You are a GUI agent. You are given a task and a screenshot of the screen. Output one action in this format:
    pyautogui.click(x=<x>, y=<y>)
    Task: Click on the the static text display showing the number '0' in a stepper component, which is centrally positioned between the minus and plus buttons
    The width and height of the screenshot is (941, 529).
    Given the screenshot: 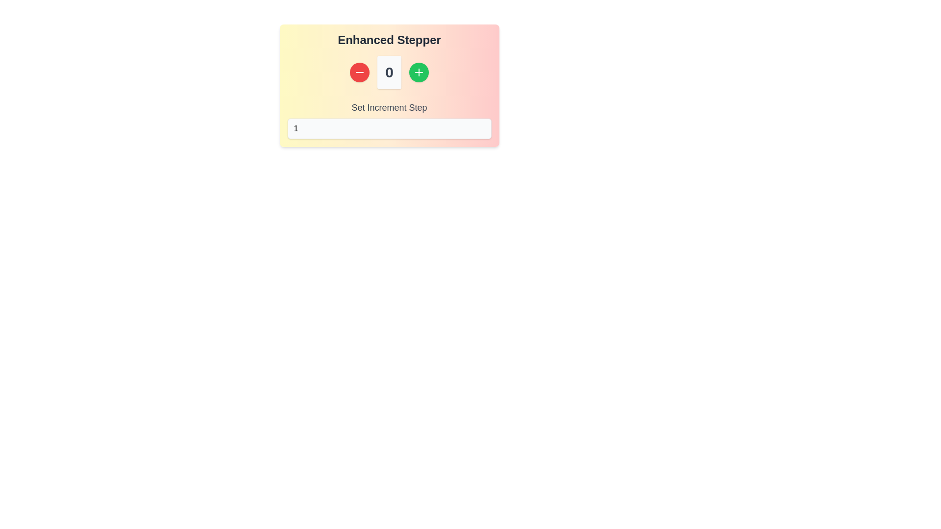 What is the action you would take?
    pyautogui.click(x=389, y=72)
    